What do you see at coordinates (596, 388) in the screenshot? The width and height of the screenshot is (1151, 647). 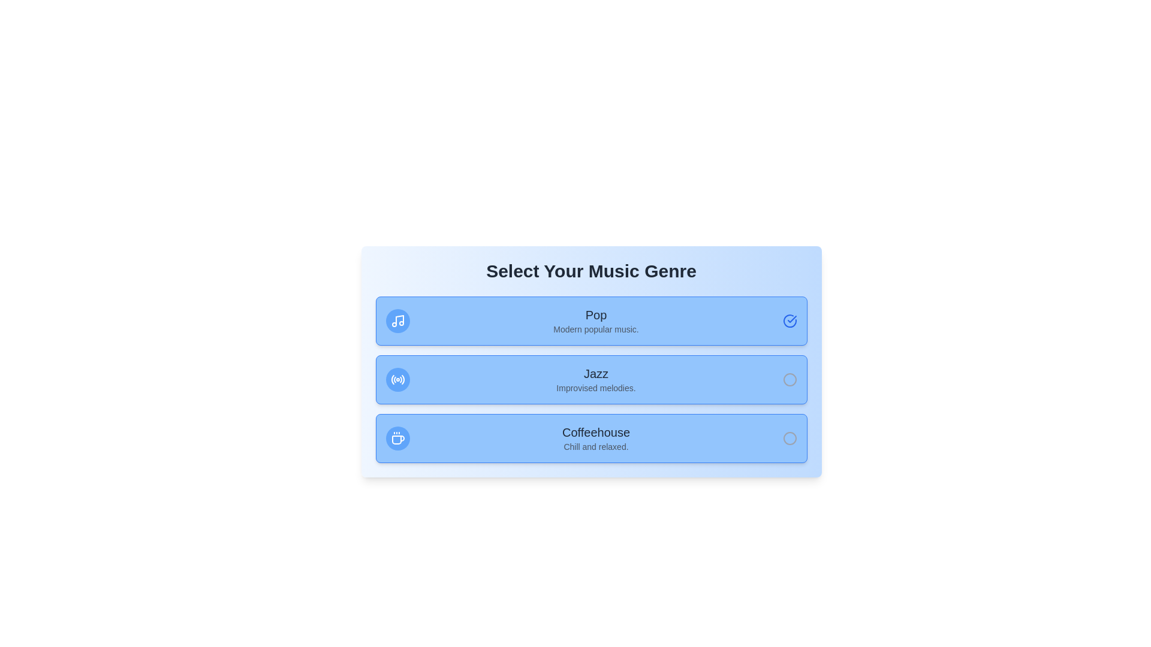 I see `the text label displaying 'Improvised melodies.' which is located below the title 'Jazz' within the blue rectangular card` at bounding box center [596, 388].